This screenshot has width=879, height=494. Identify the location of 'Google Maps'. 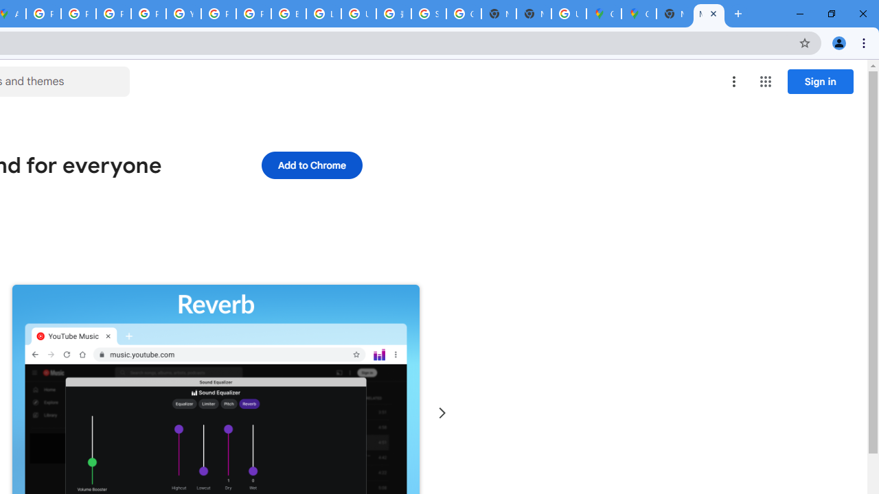
(604, 14).